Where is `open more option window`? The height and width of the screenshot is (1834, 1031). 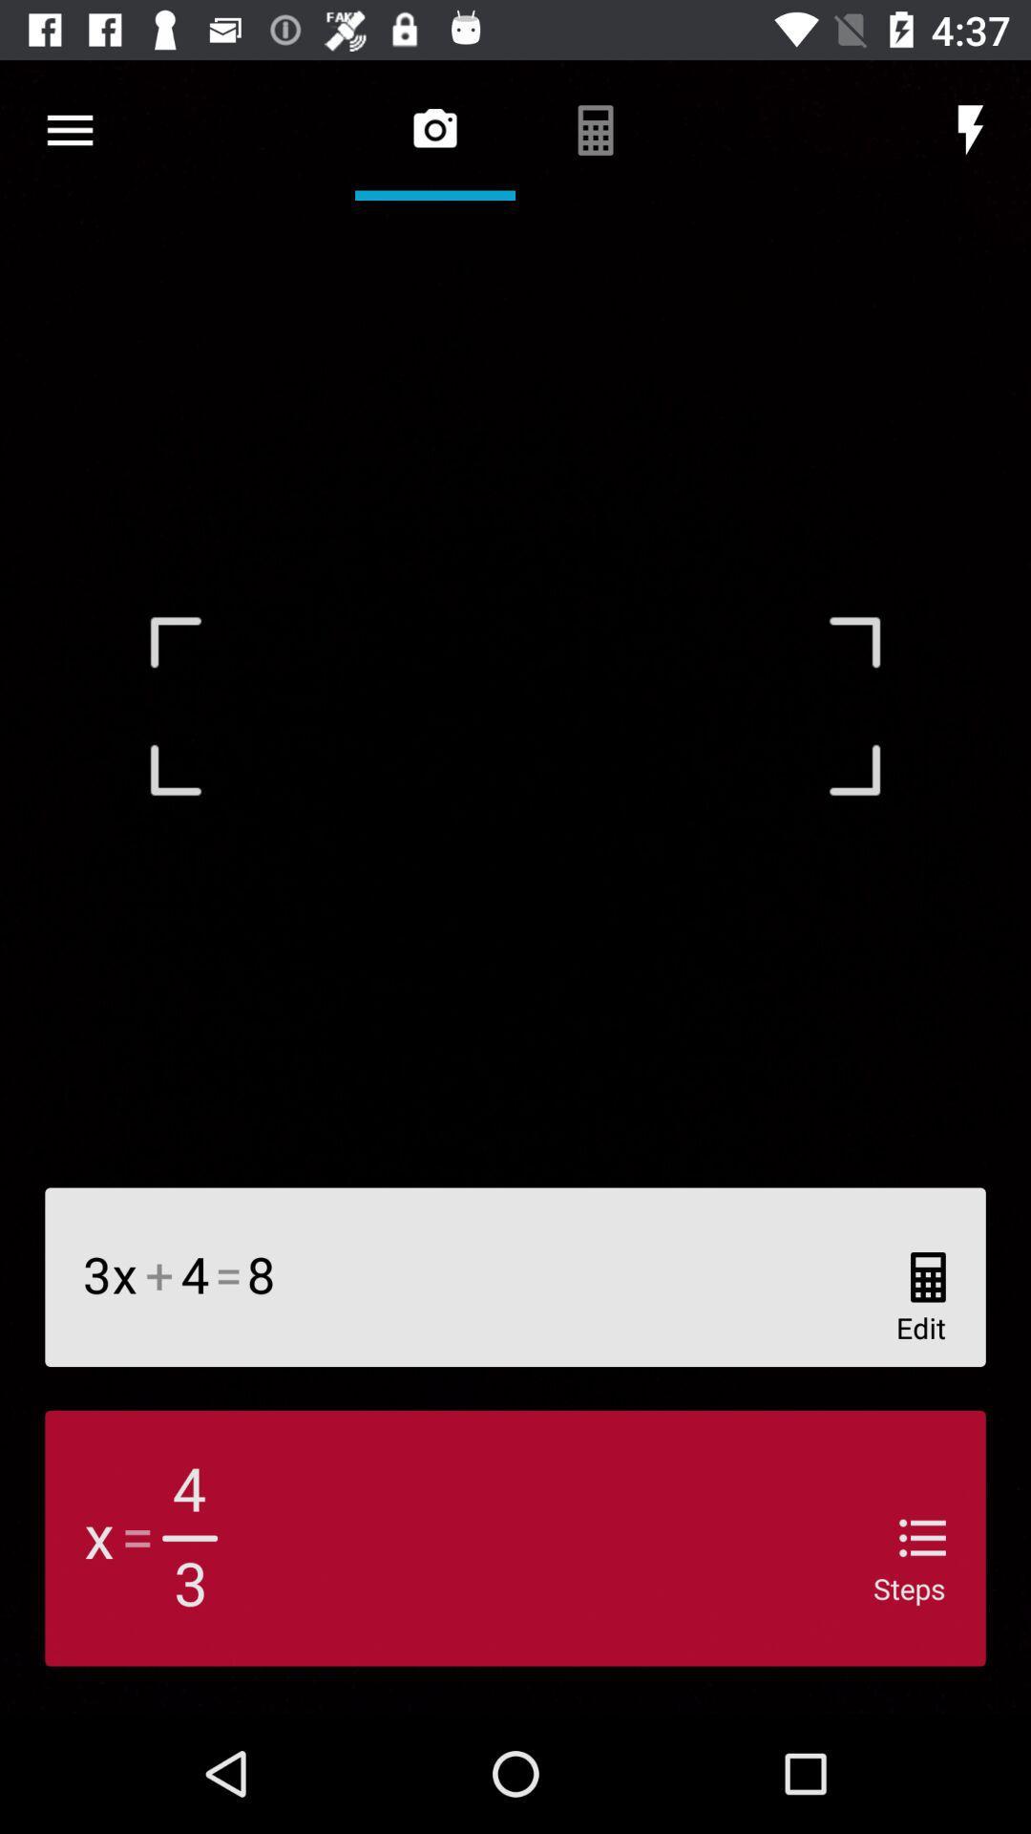
open more option window is located at coordinates (69, 129).